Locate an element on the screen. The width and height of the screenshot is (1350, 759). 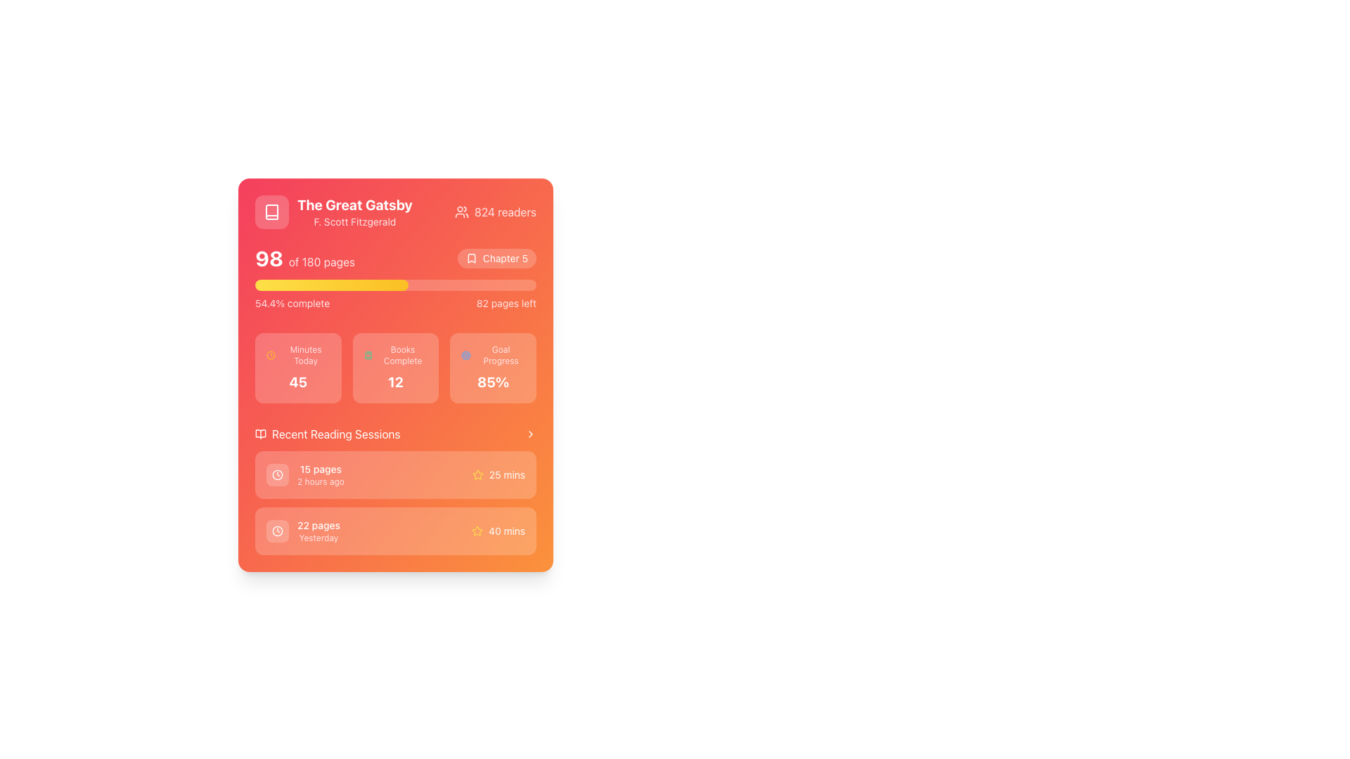
the first Informational card styled with a semi-transparent white overlay, displaying 'Minutes Today' and the value '45', located in the top-left corner of the grid layout is located at coordinates (297, 368).